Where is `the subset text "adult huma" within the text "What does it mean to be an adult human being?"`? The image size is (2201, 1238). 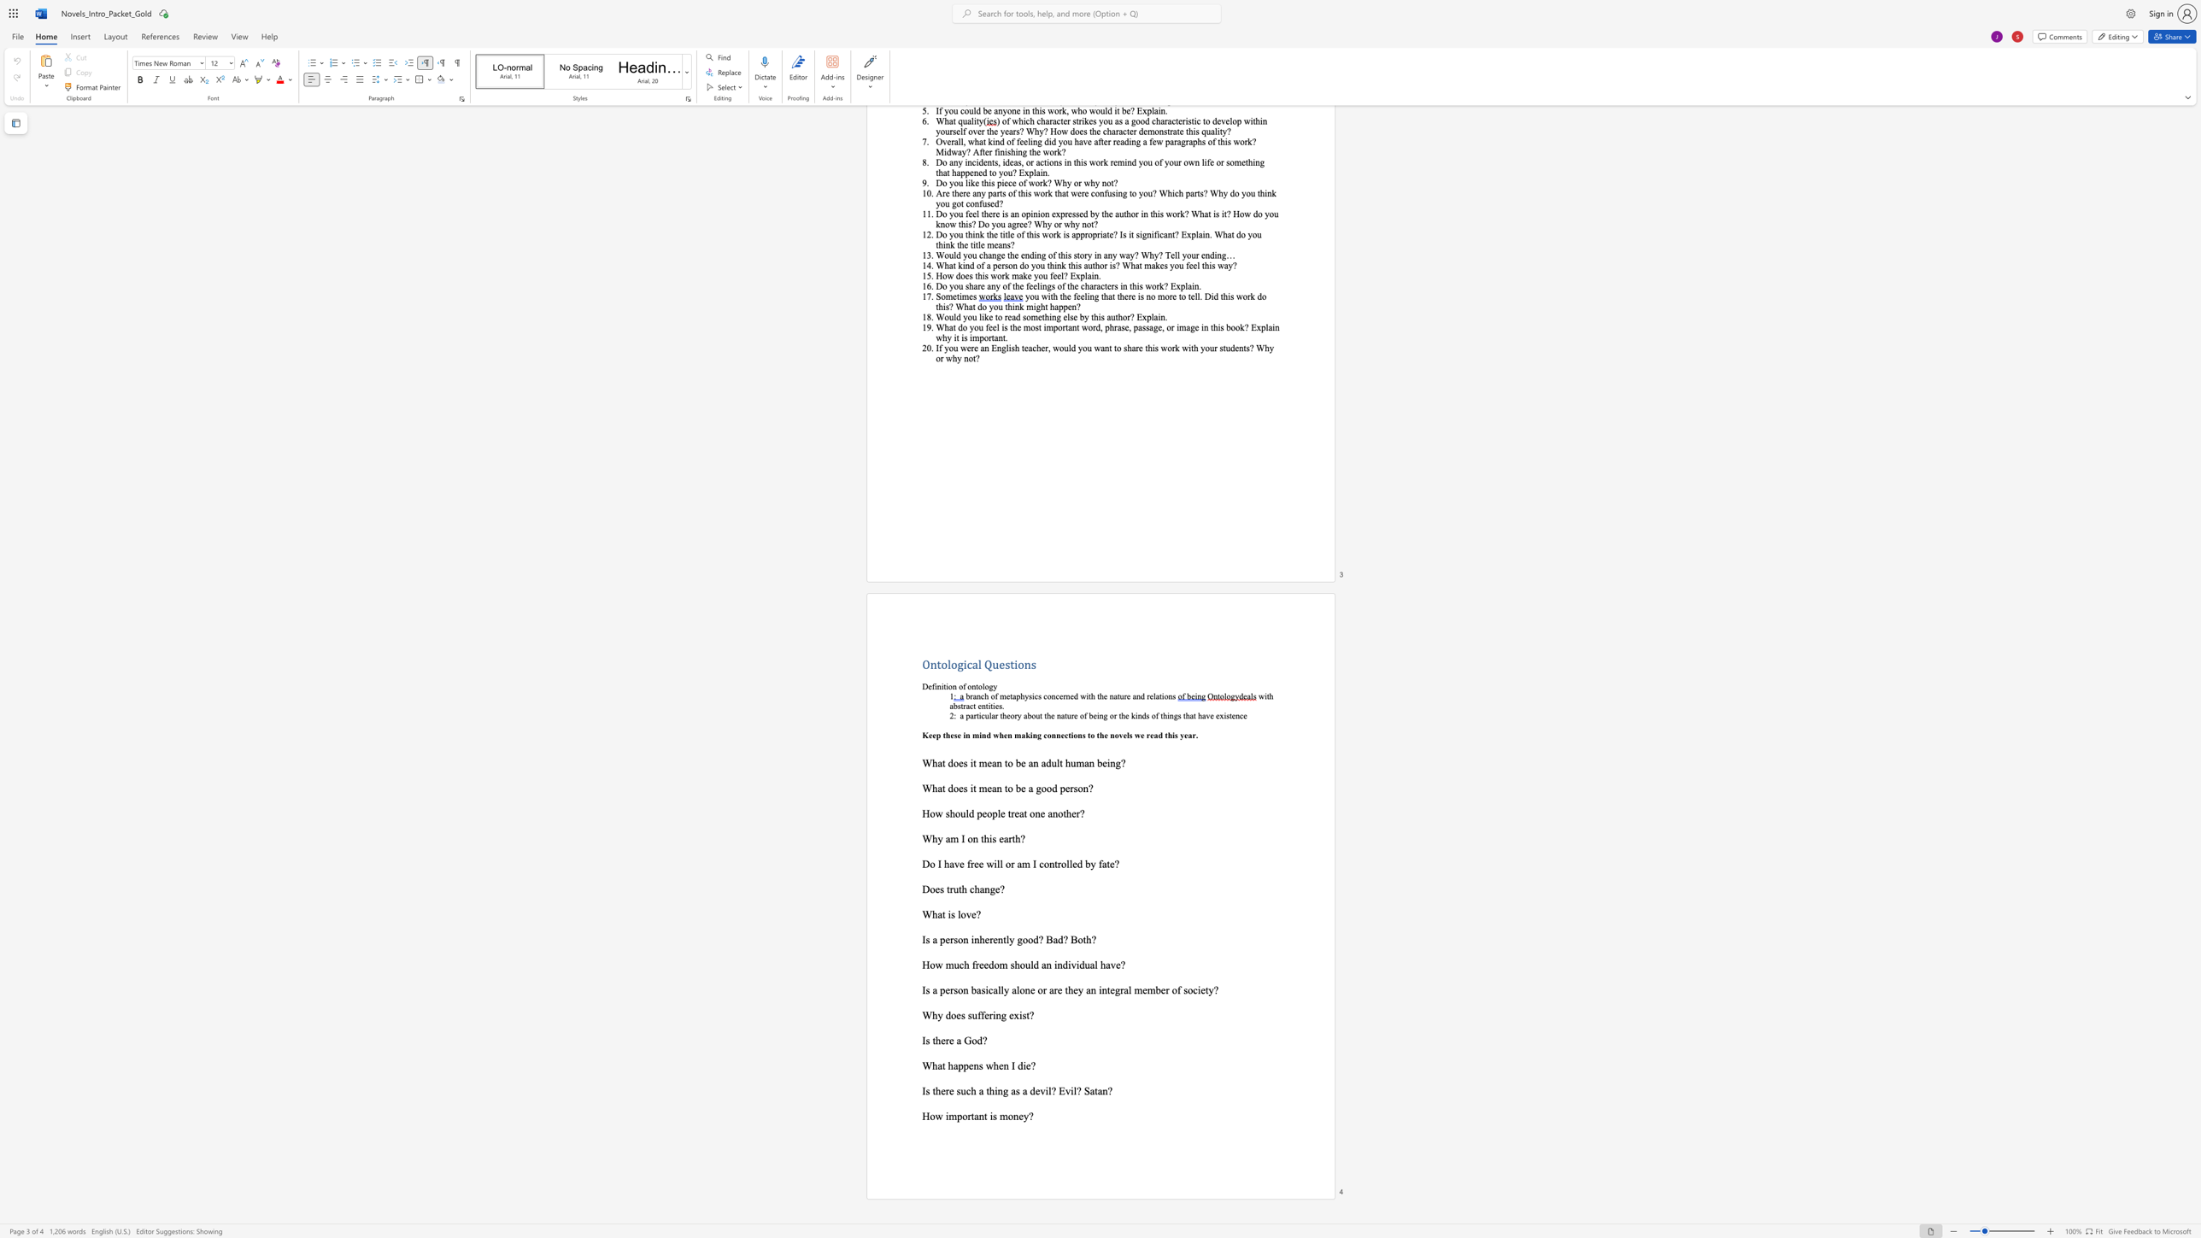
the subset text "adult huma" within the text "What does it mean to be an adult human being?" is located at coordinates (1041, 762).